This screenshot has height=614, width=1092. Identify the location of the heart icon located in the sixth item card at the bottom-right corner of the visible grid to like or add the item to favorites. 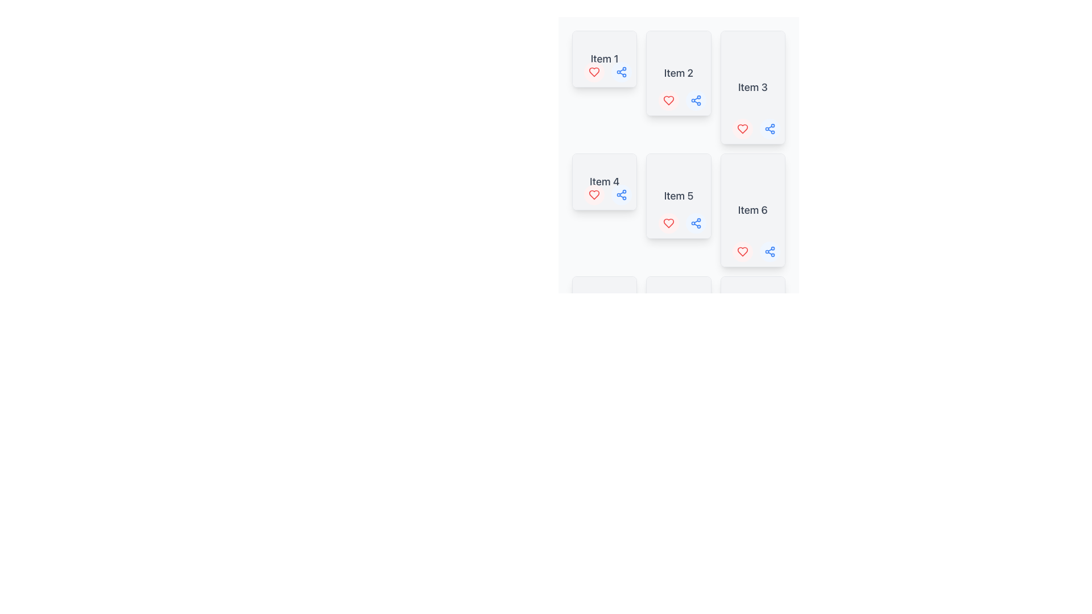
(742, 251).